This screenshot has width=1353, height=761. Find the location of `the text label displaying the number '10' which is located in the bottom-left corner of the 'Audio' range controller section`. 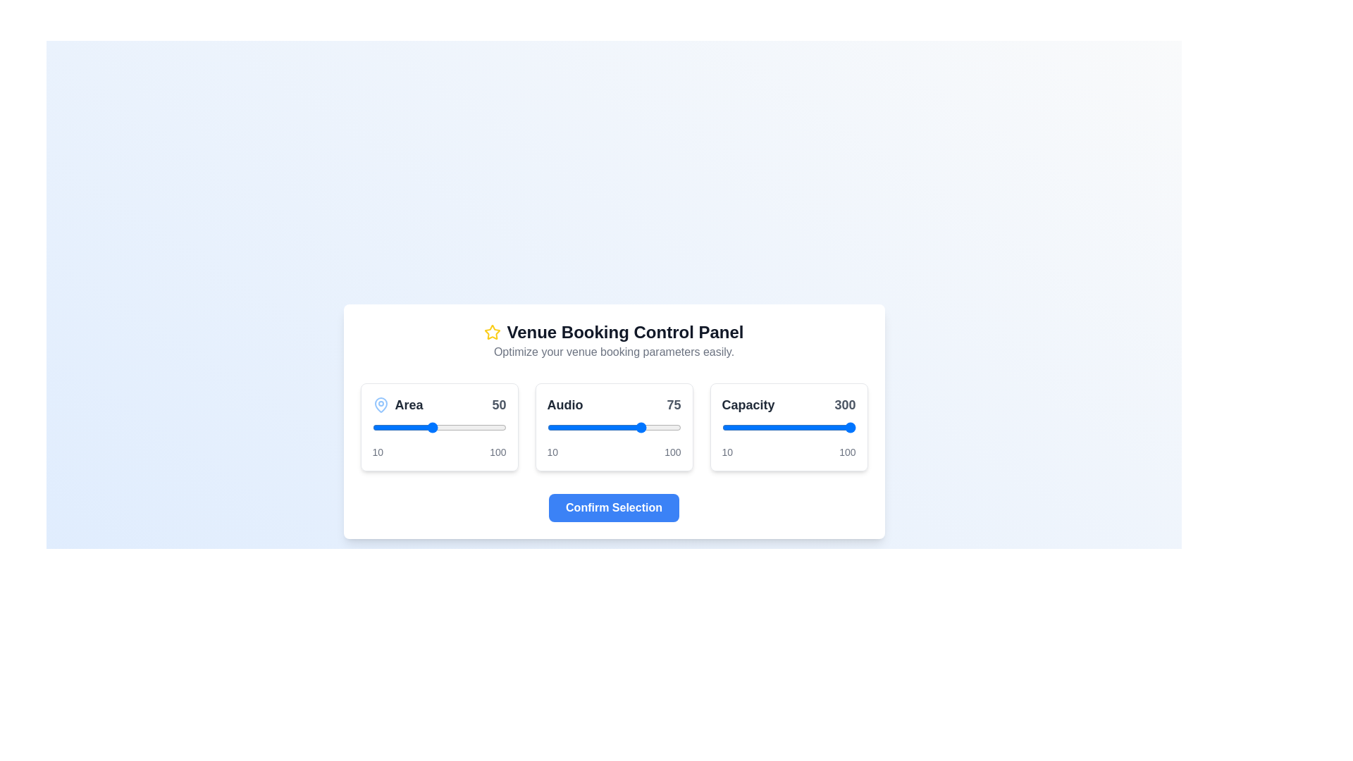

the text label displaying the number '10' which is located in the bottom-left corner of the 'Audio' range controller section is located at coordinates (378, 452).